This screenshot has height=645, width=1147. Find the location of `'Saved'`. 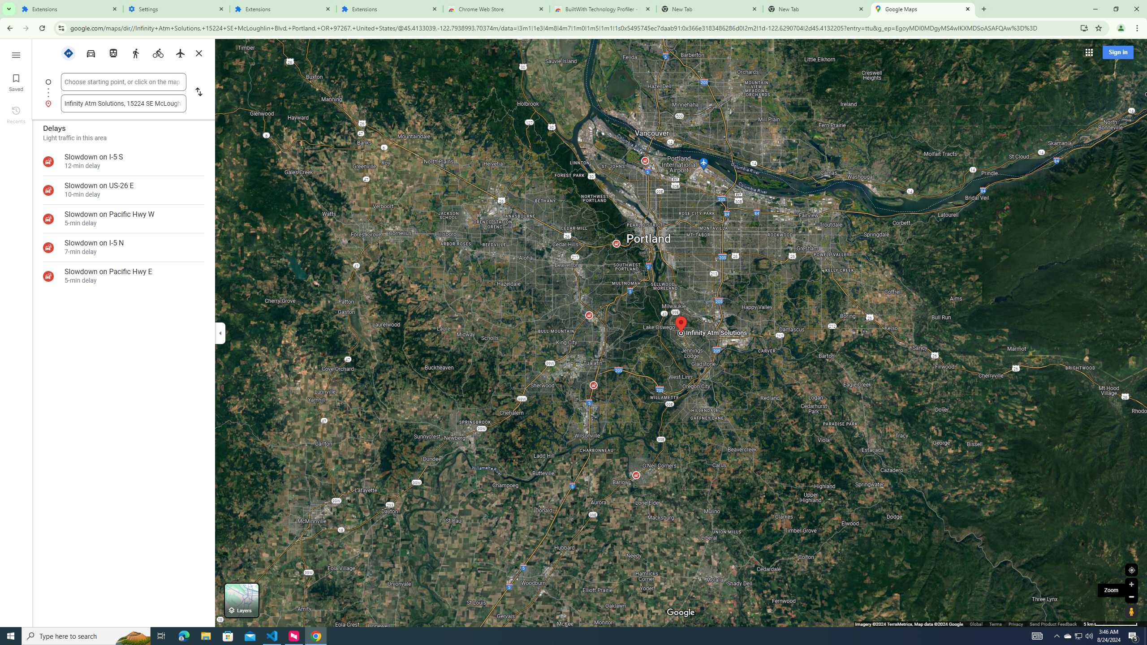

'Saved' is located at coordinates (15, 82).